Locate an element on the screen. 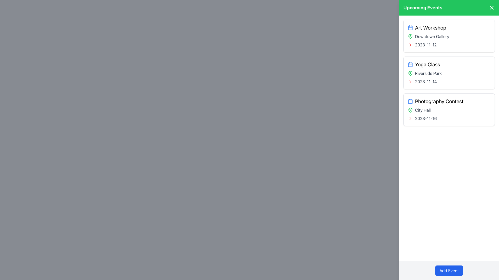 This screenshot has width=499, height=280. the 'Upcoming Events' text label, which is styled with a bold, large font on a green background, located in the header bar of the right-hand panel is located at coordinates (423, 8).